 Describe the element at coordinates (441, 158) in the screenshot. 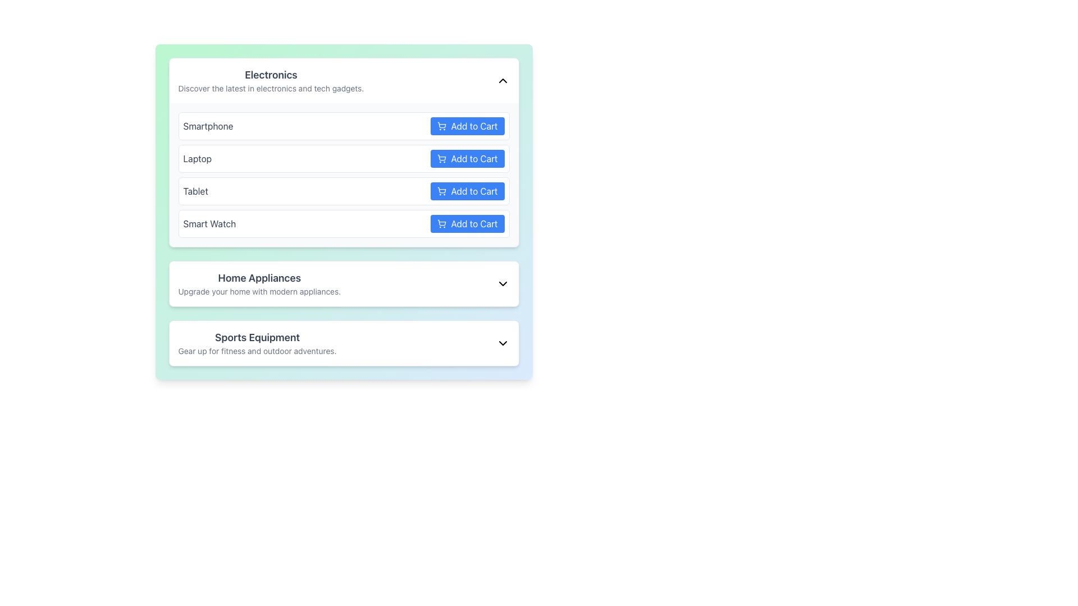

I see `the 'Add to Cart' icon located to the left of the button text for the second product ('Laptop') in the 'Electronics' category` at that location.